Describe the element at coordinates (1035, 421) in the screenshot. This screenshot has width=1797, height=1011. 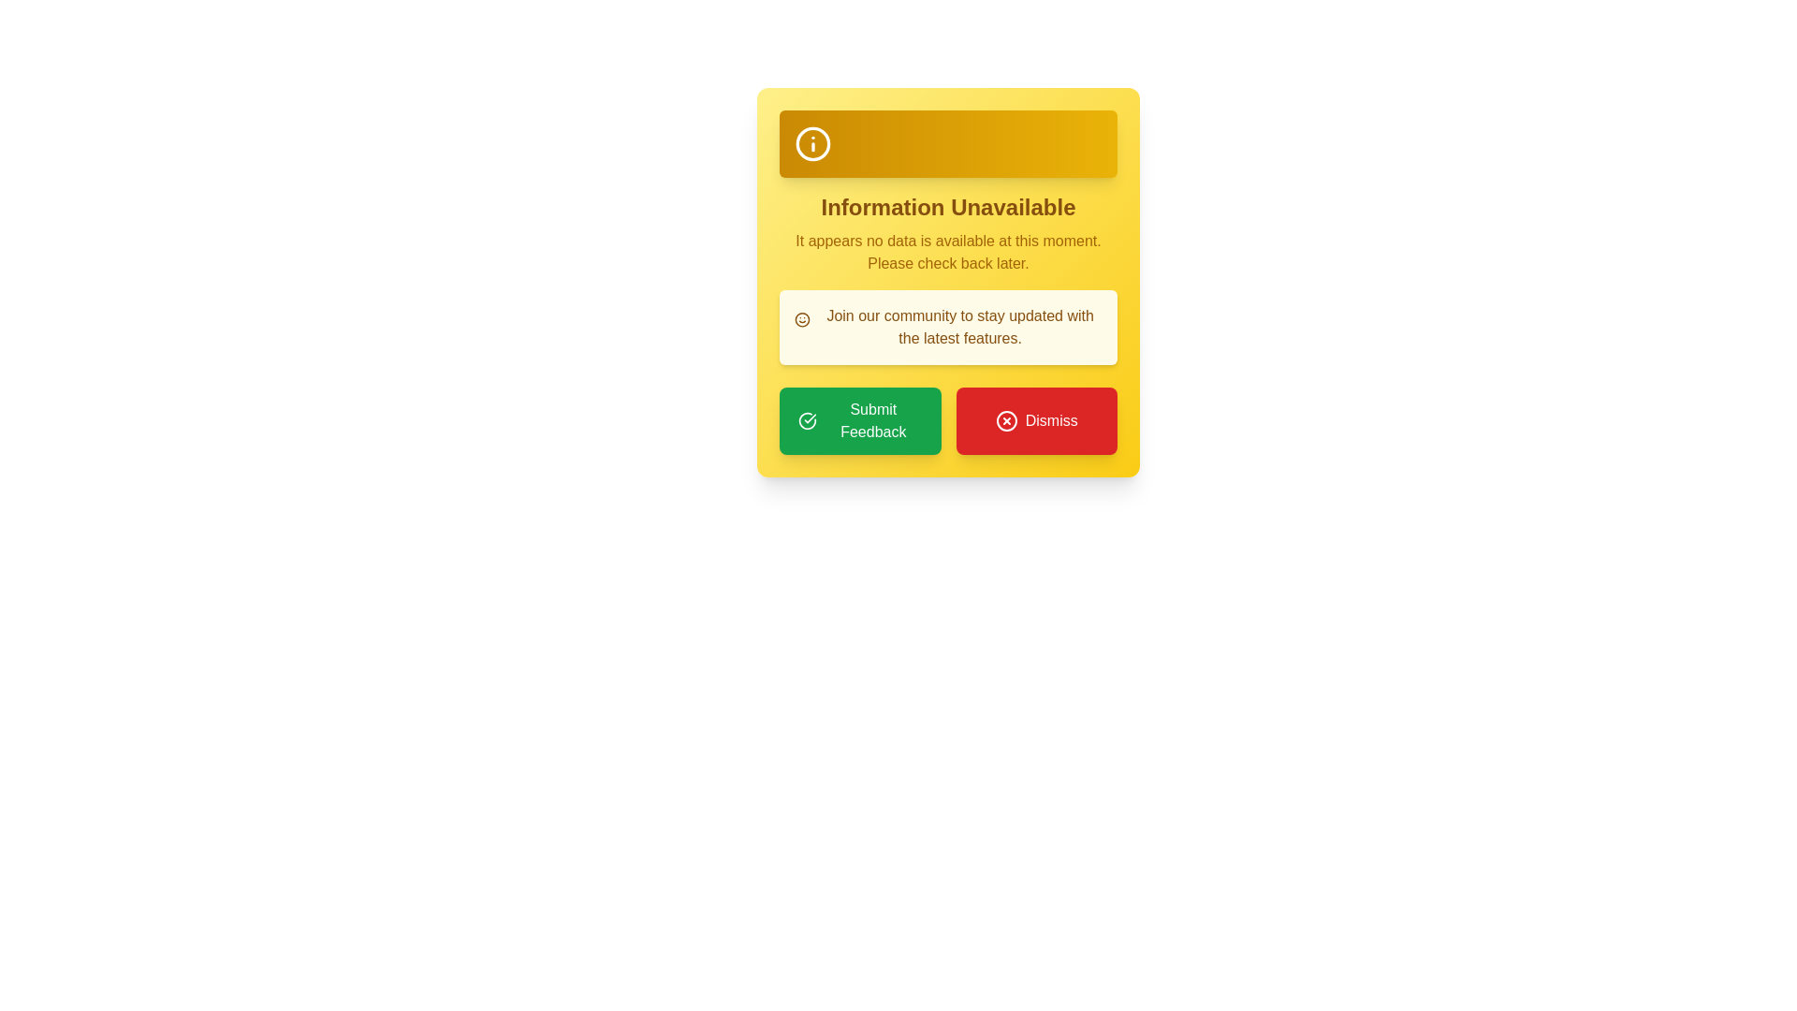
I see `the 'Dismiss' button located at the bottom-right of the button grid for accessibility purposes` at that location.